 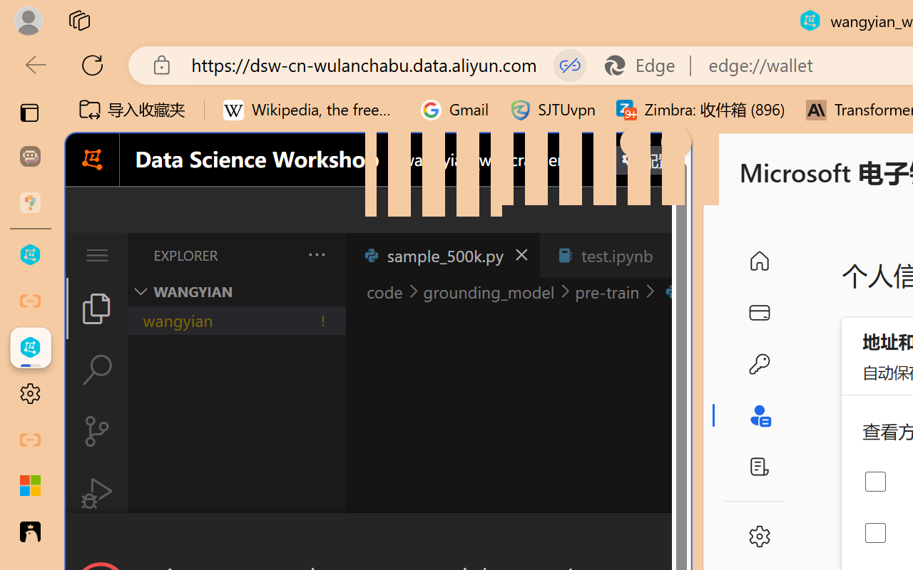 What do you see at coordinates (30, 486) in the screenshot?
I see `'Microsoft security help and learning'` at bounding box center [30, 486].